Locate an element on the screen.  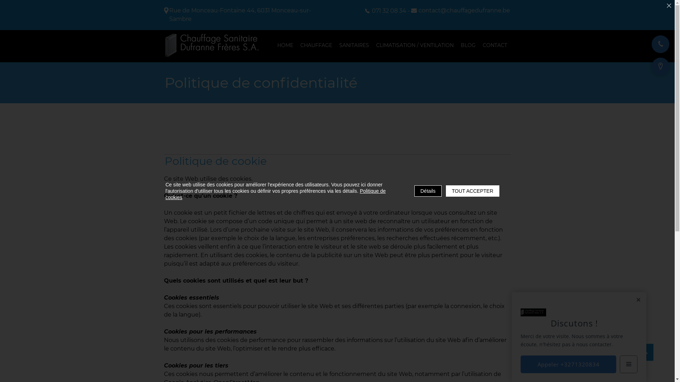
'TOUT ACCEPTER' is located at coordinates (472, 191).